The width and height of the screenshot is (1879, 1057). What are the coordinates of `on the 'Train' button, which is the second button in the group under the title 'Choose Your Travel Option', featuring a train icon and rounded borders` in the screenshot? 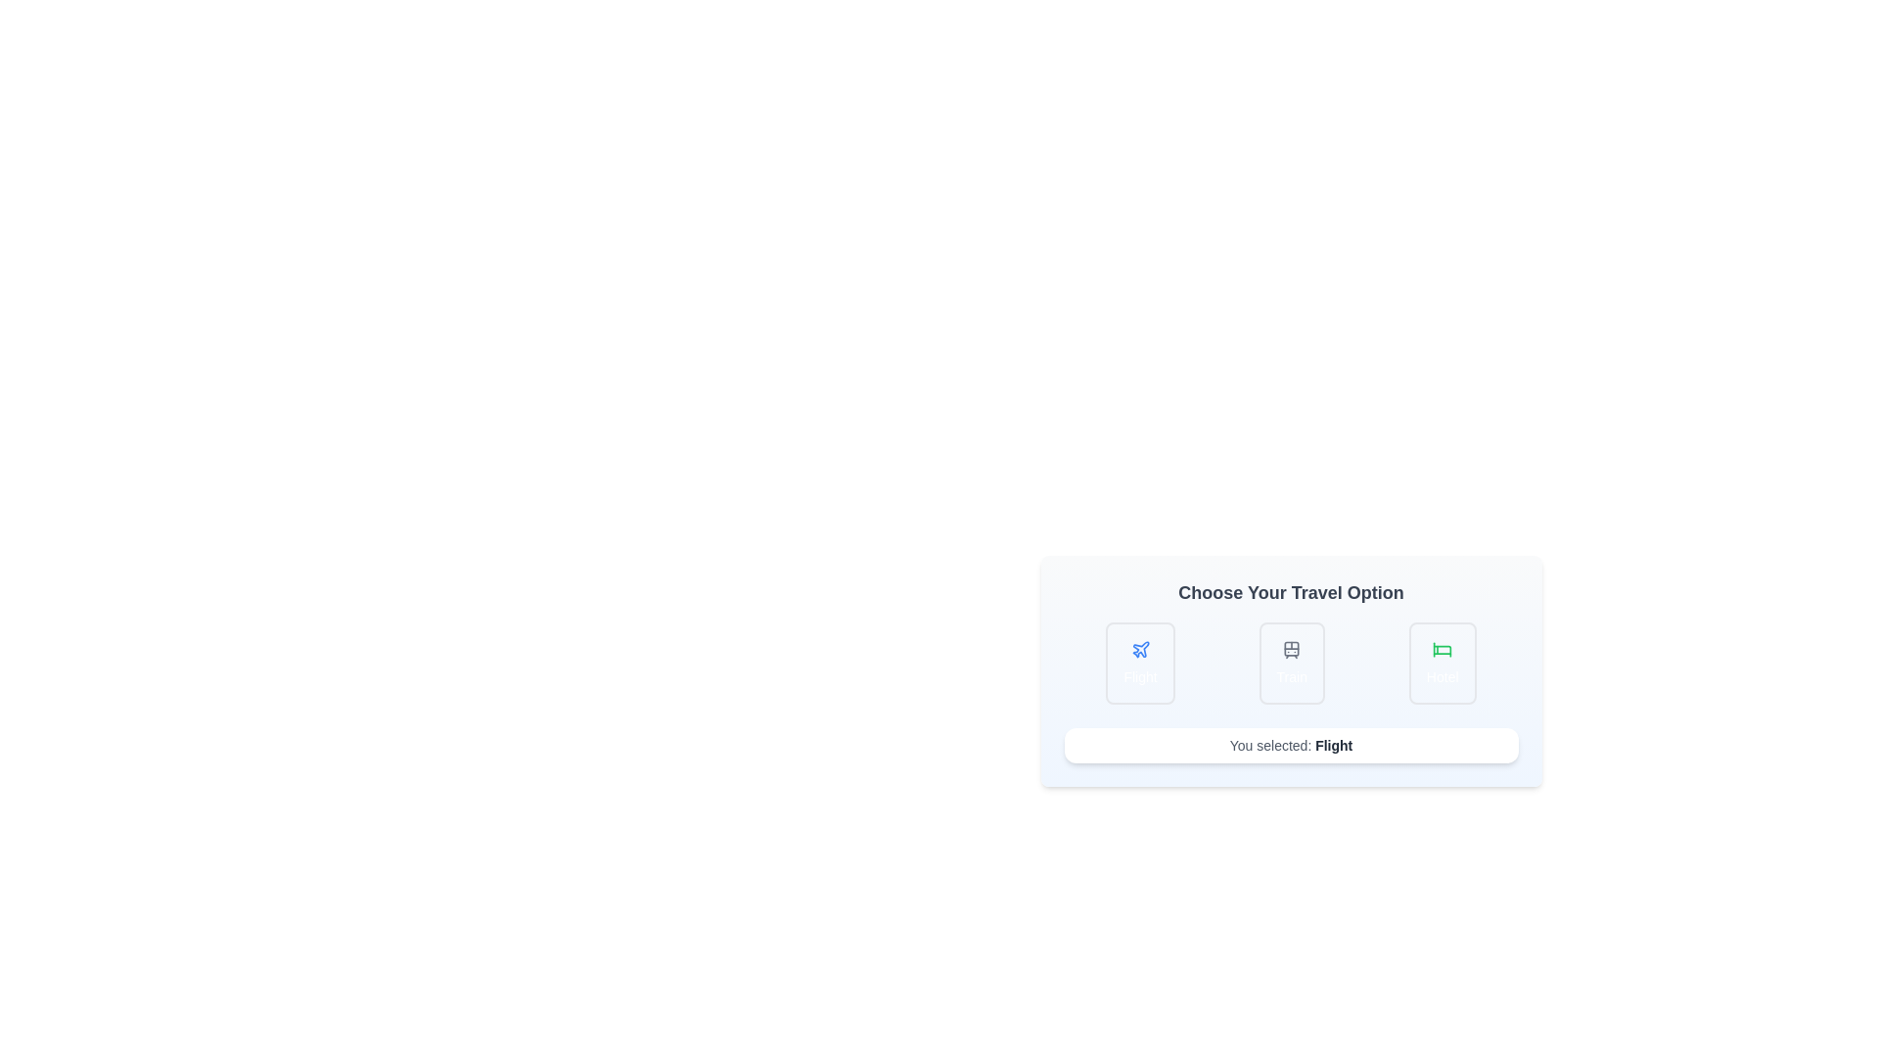 It's located at (1292, 663).